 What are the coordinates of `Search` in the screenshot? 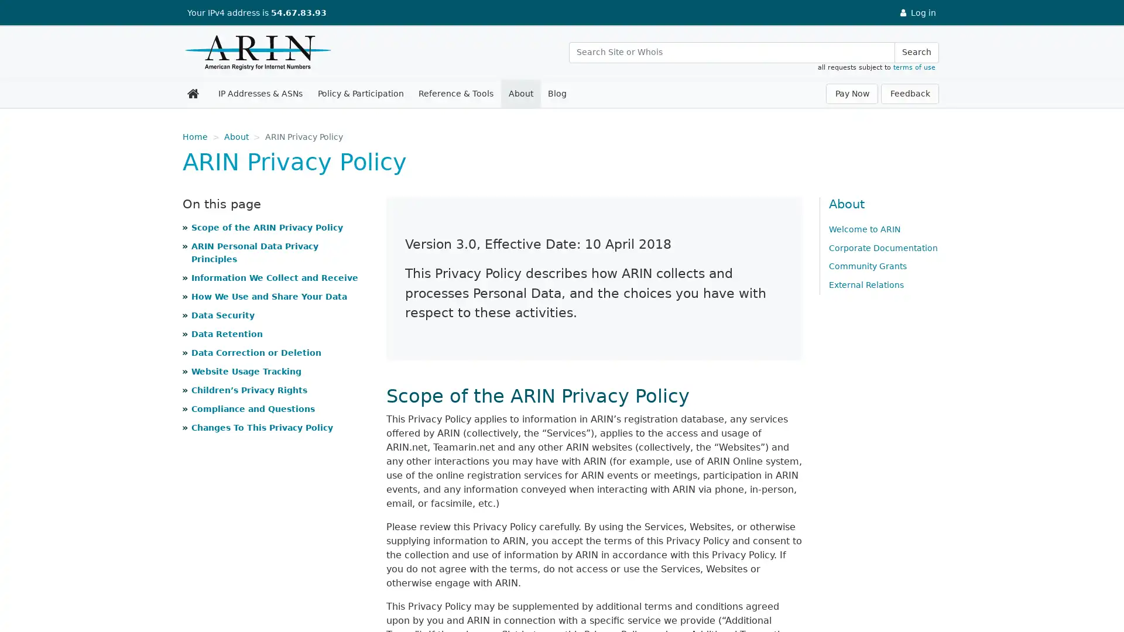 It's located at (916, 51).